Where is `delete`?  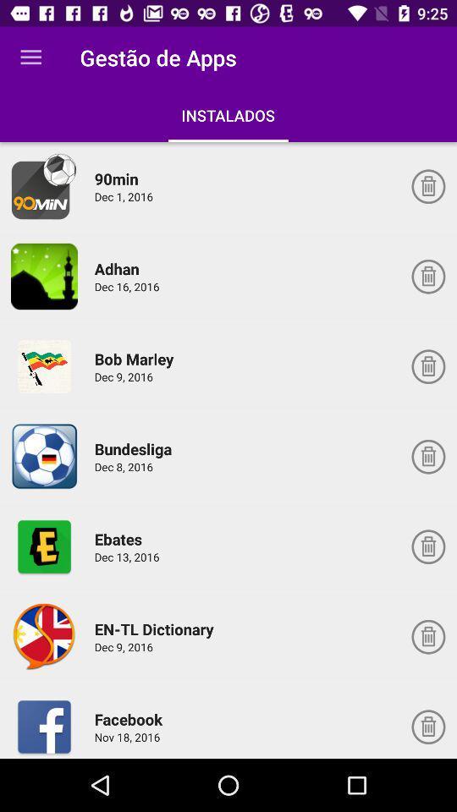
delete is located at coordinates (427, 726).